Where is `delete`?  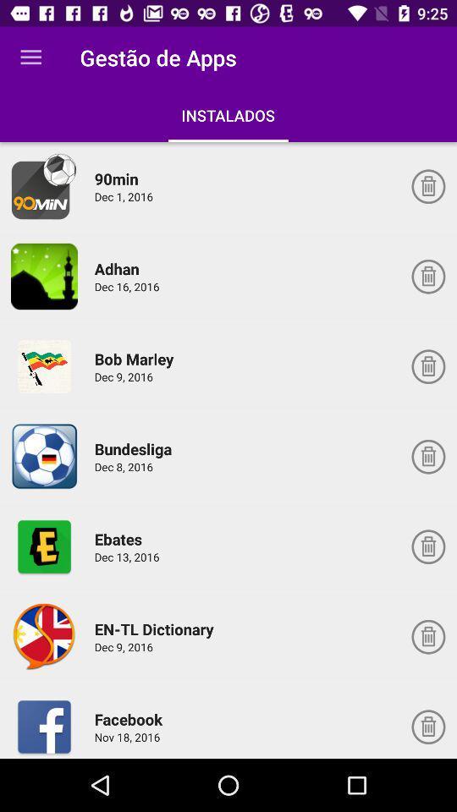
delete is located at coordinates (427, 726).